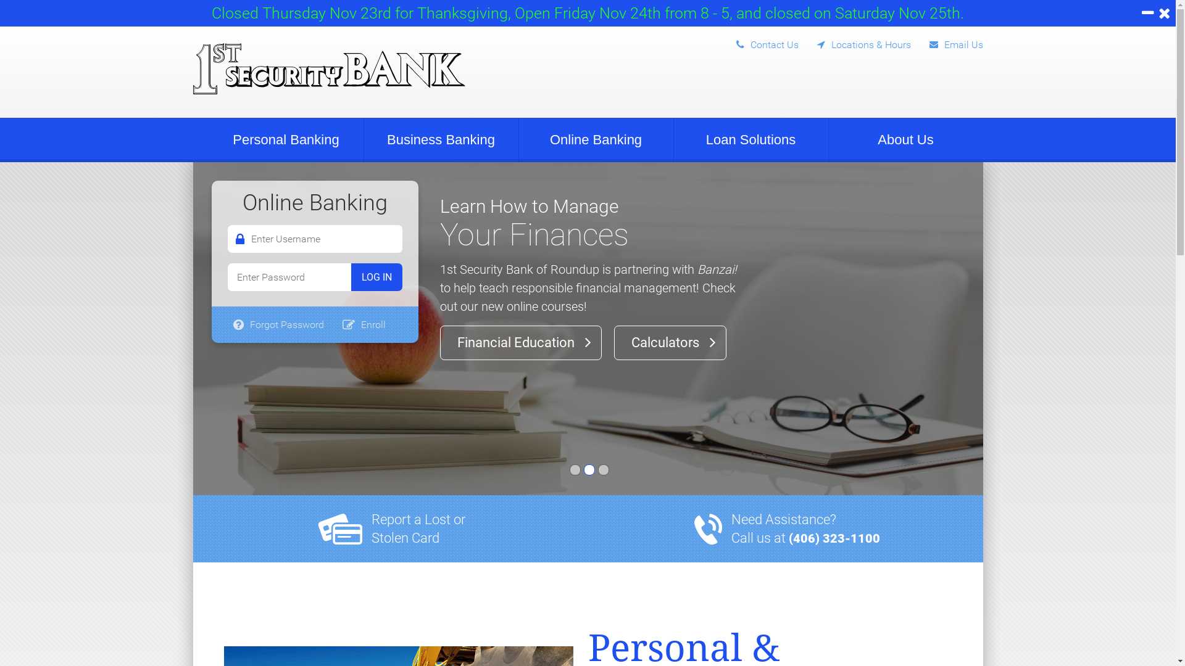 The image size is (1185, 666). What do you see at coordinates (418, 528) in the screenshot?
I see `'Report a Lost or` at bounding box center [418, 528].